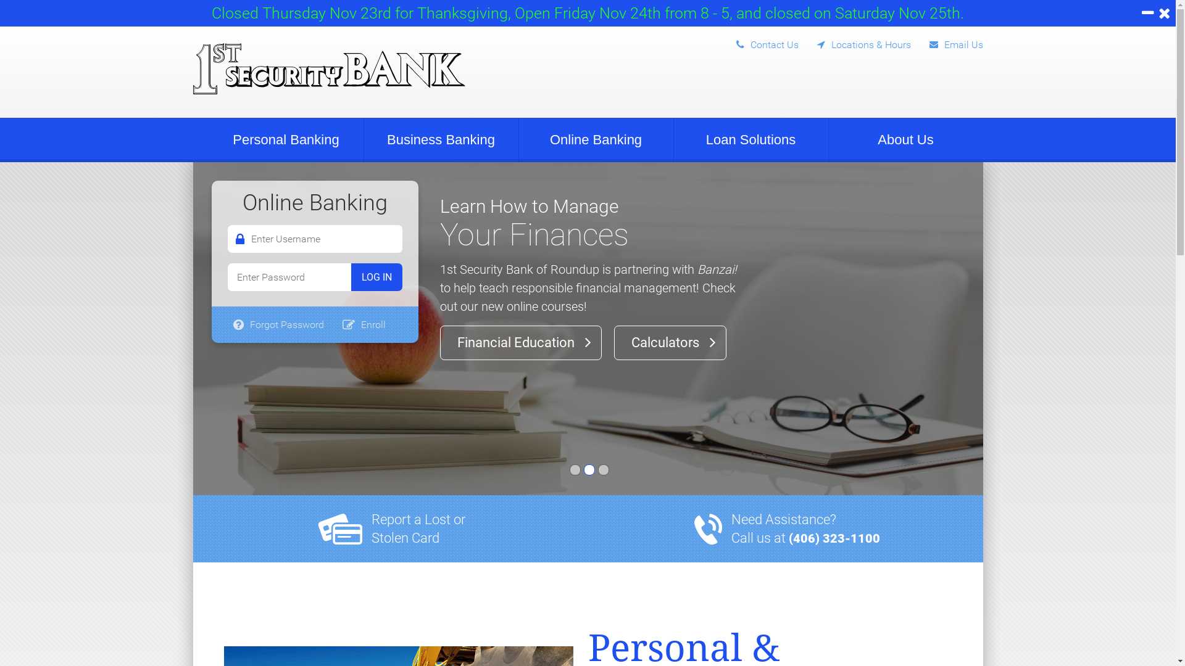 The image size is (1185, 666). What do you see at coordinates (418, 528) in the screenshot?
I see `'Report a Lost or` at bounding box center [418, 528].